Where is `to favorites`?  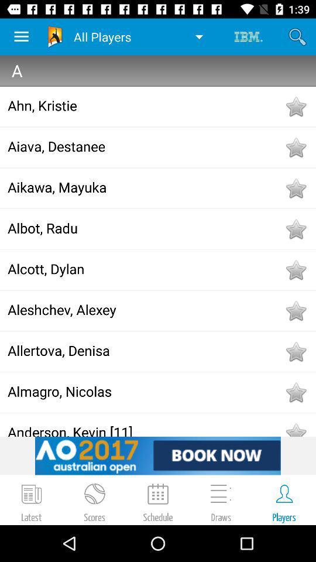 to favorites is located at coordinates (295, 228).